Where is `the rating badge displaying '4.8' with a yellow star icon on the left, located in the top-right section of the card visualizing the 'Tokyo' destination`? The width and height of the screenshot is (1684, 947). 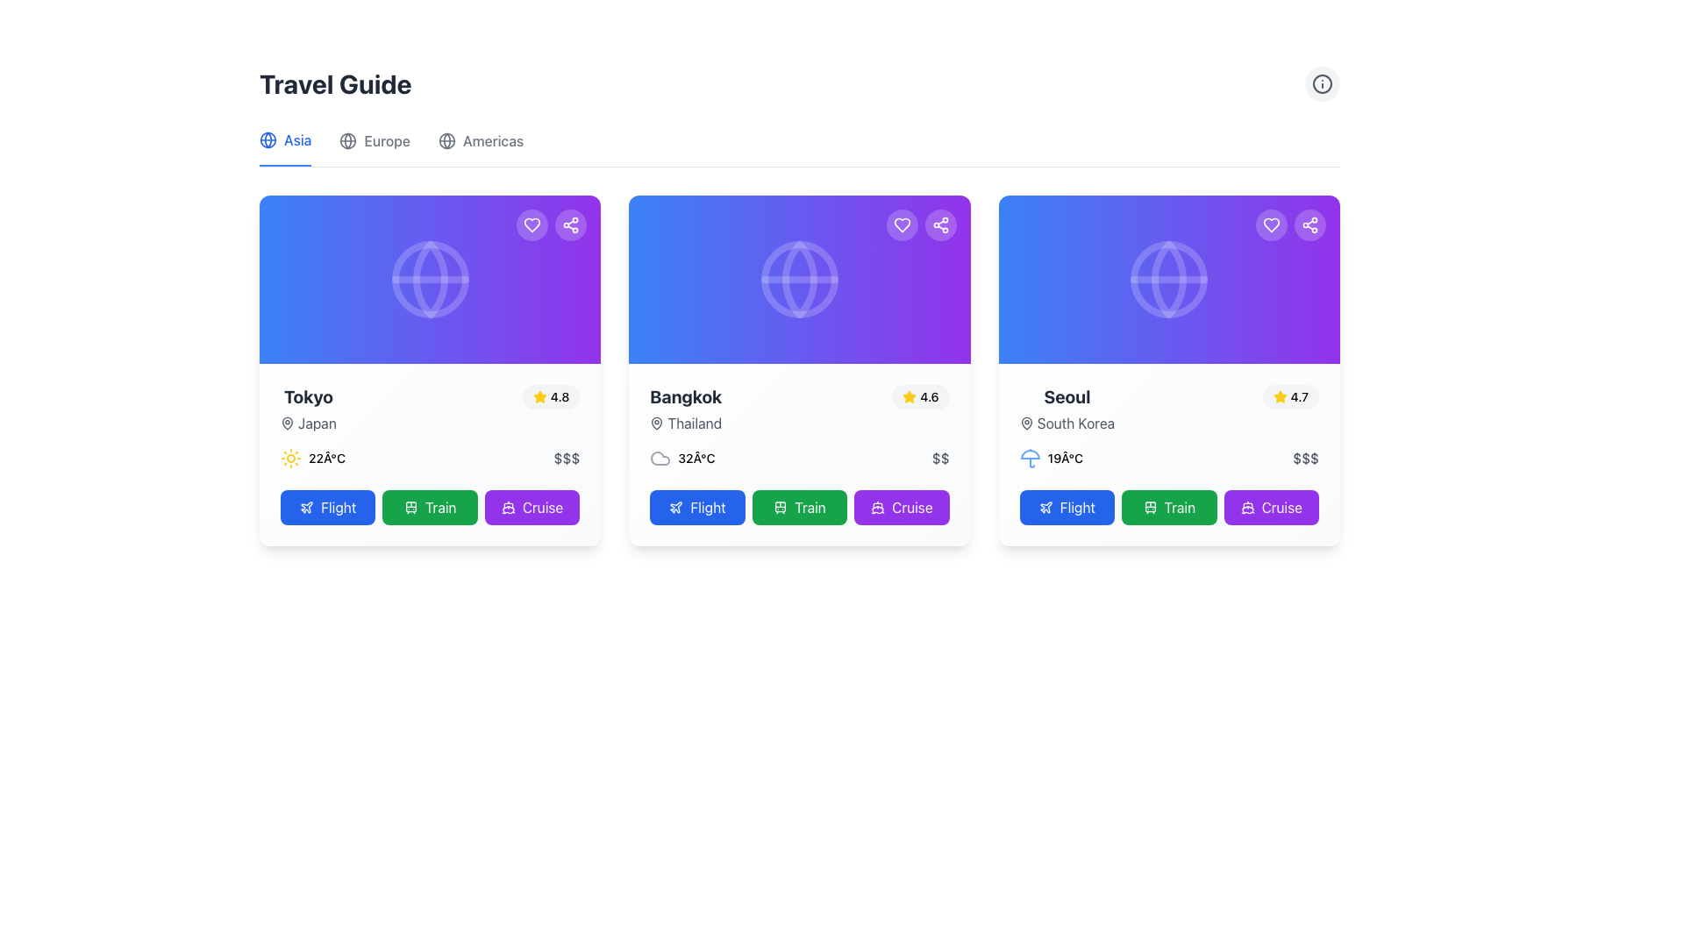 the rating badge displaying '4.8' with a yellow star icon on the left, located in the top-right section of the card visualizing the 'Tokyo' destination is located at coordinates (550, 396).